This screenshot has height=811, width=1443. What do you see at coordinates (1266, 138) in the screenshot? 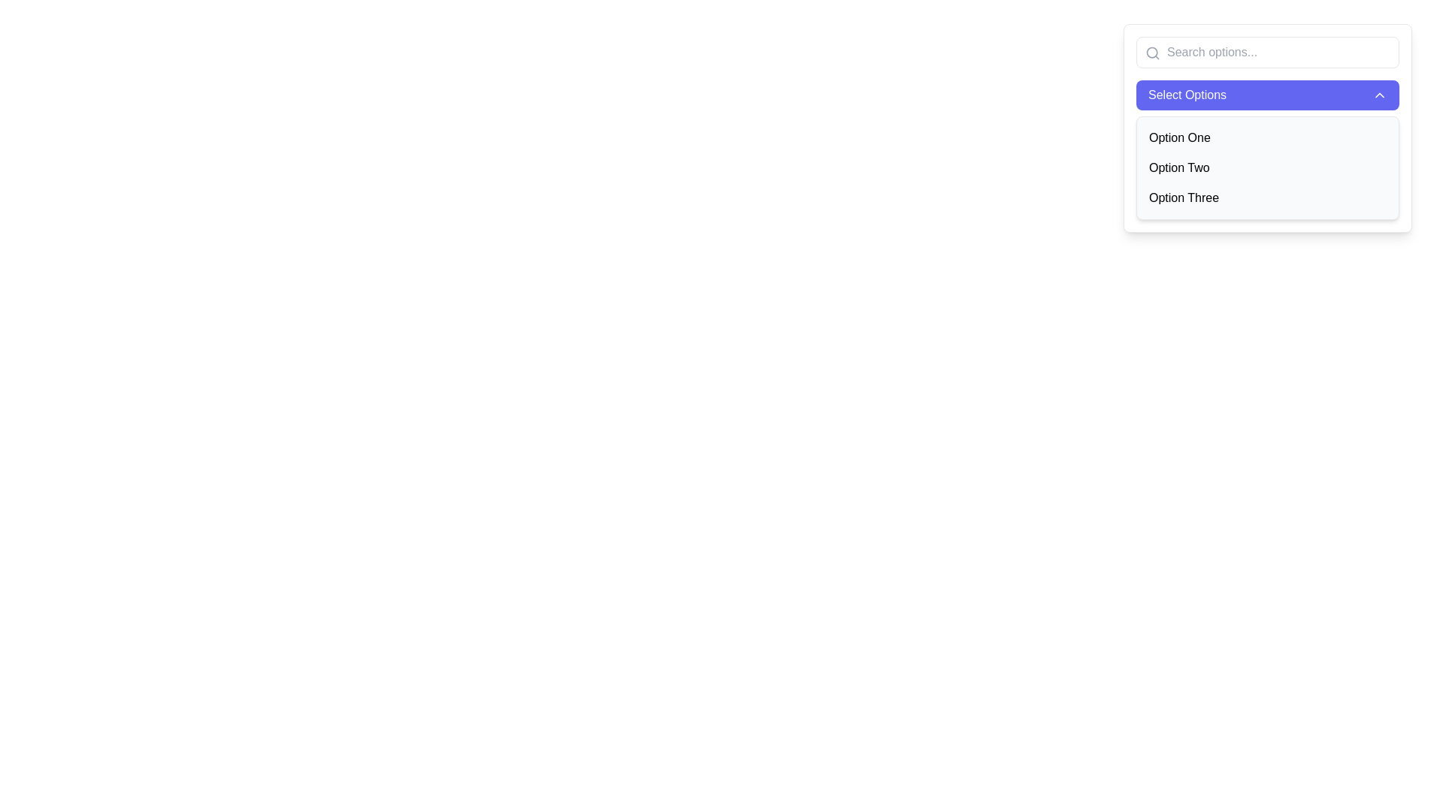
I see `the dropdown menu item labeled 'Option One'` at bounding box center [1266, 138].